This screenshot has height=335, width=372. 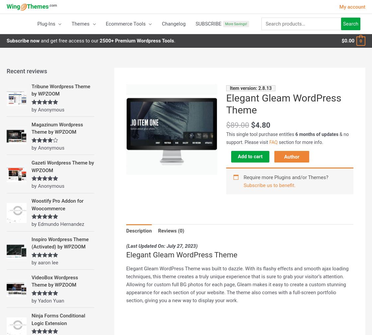 I want to click on 'by Yadon Yuan', so click(x=48, y=300).